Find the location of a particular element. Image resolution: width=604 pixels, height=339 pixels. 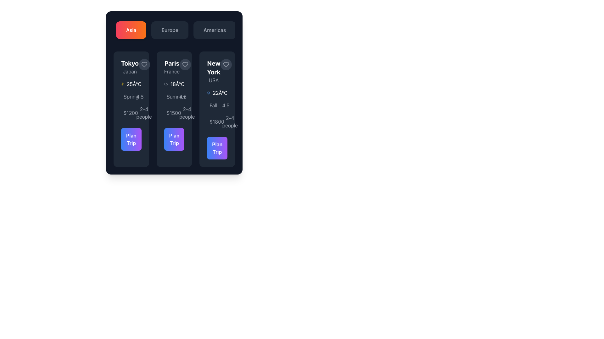

text displayed in bold, medium-sized font that shows '4.5' in gray, located in the third card under the 'Fall' label is located at coordinates (226, 105).